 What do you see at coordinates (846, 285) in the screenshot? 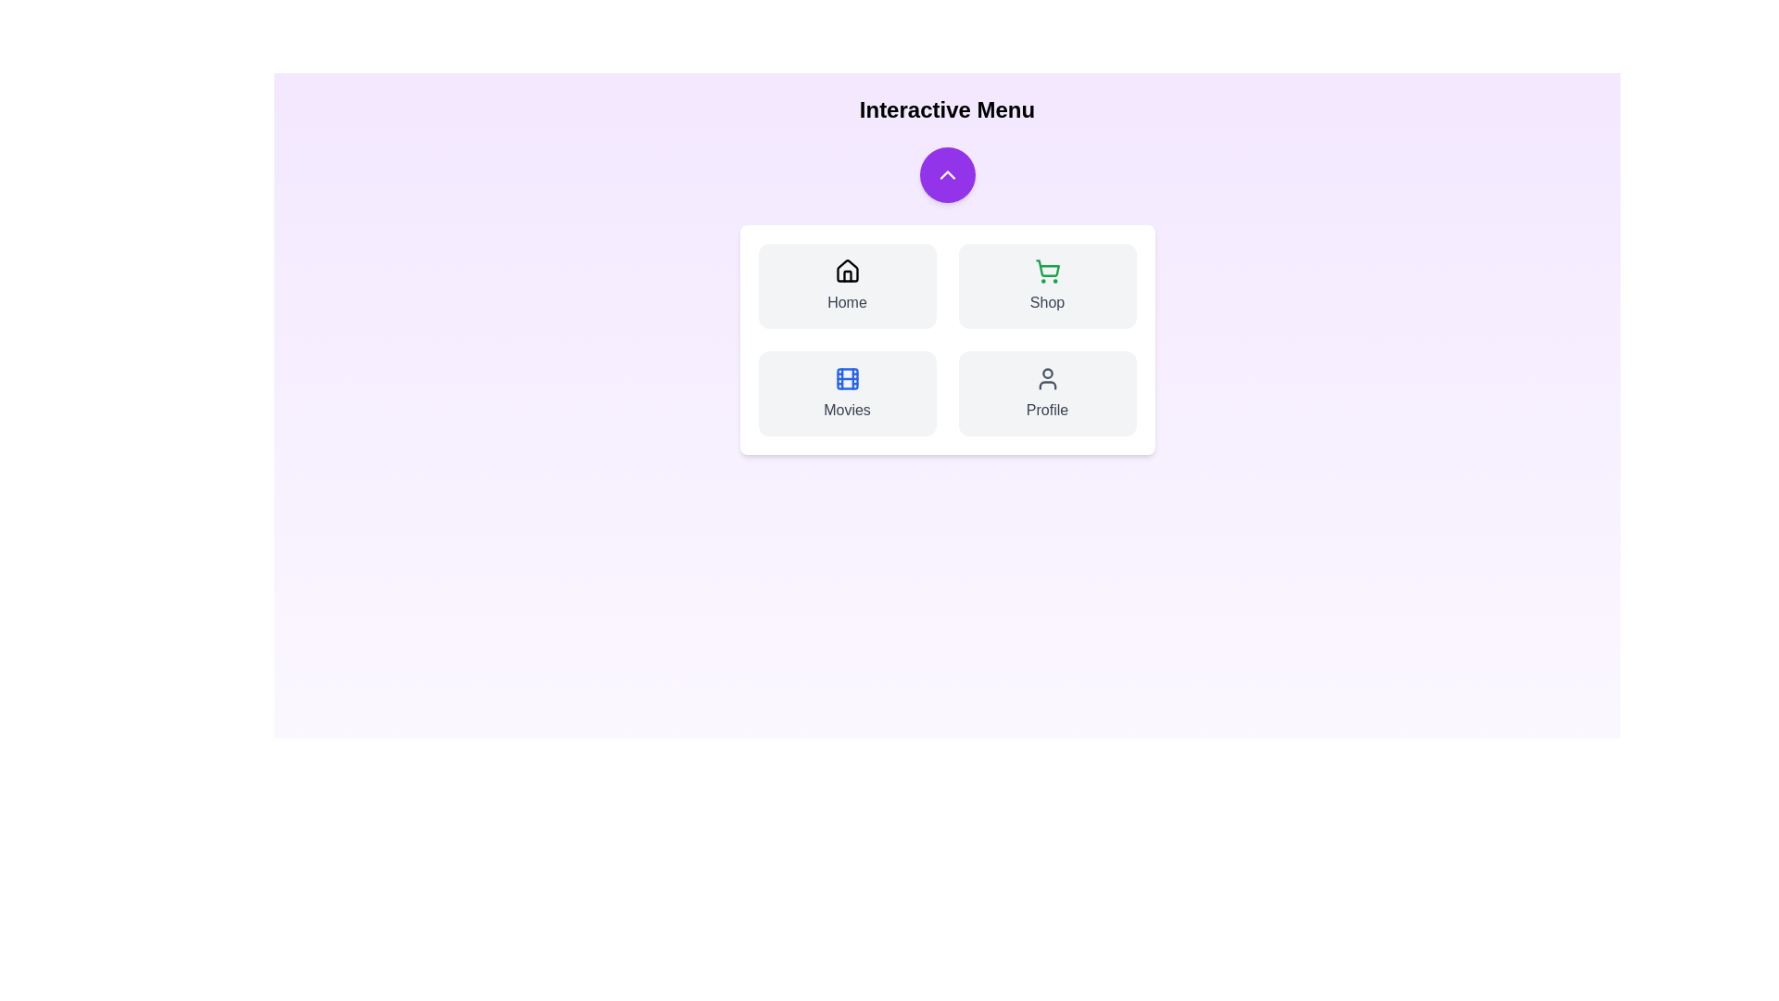
I see `the Home button in the InteractiveNavbar component` at bounding box center [846, 285].